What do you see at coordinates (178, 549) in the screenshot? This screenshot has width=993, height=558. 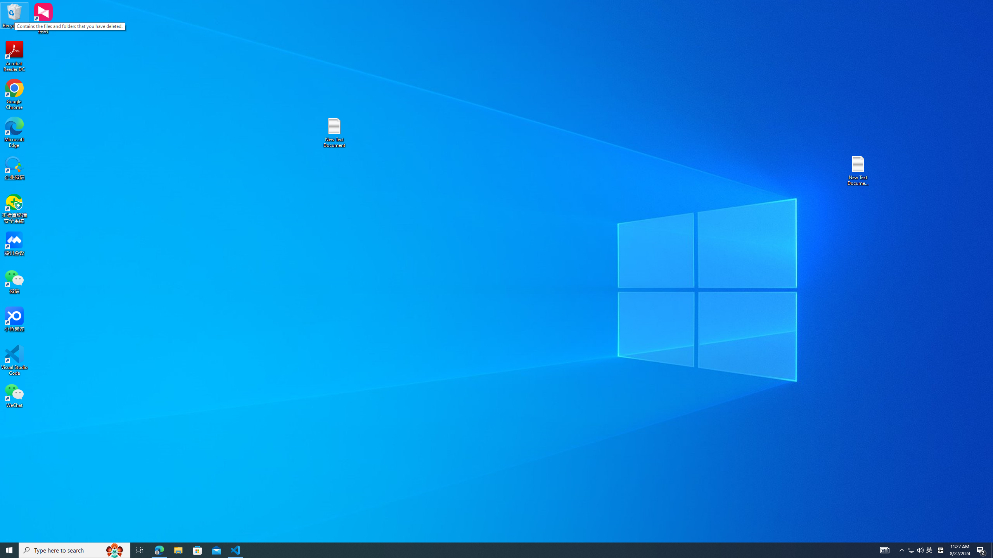 I see `'File Explorer'` at bounding box center [178, 549].